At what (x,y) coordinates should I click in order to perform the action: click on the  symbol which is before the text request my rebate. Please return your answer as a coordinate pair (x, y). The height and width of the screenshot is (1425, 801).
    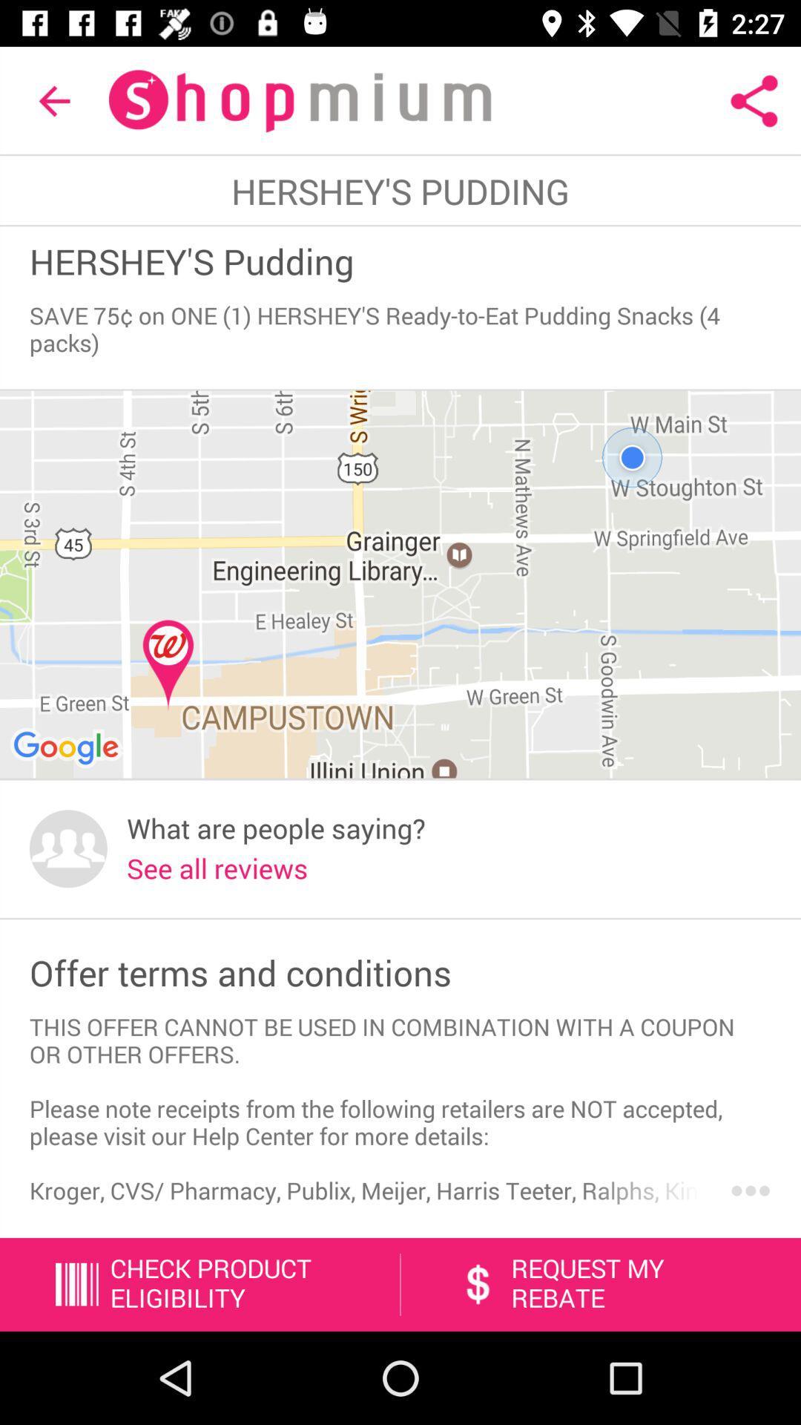
    Looking at the image, I should click on (478, 1284).